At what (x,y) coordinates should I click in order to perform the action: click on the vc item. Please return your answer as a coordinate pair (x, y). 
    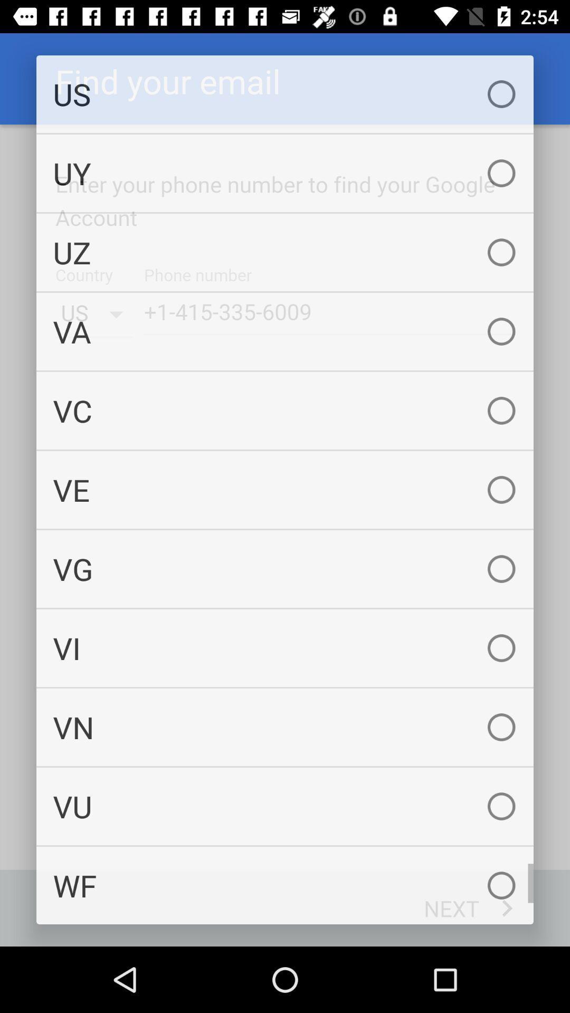
    Looking at the image, I should click on (285, 410).